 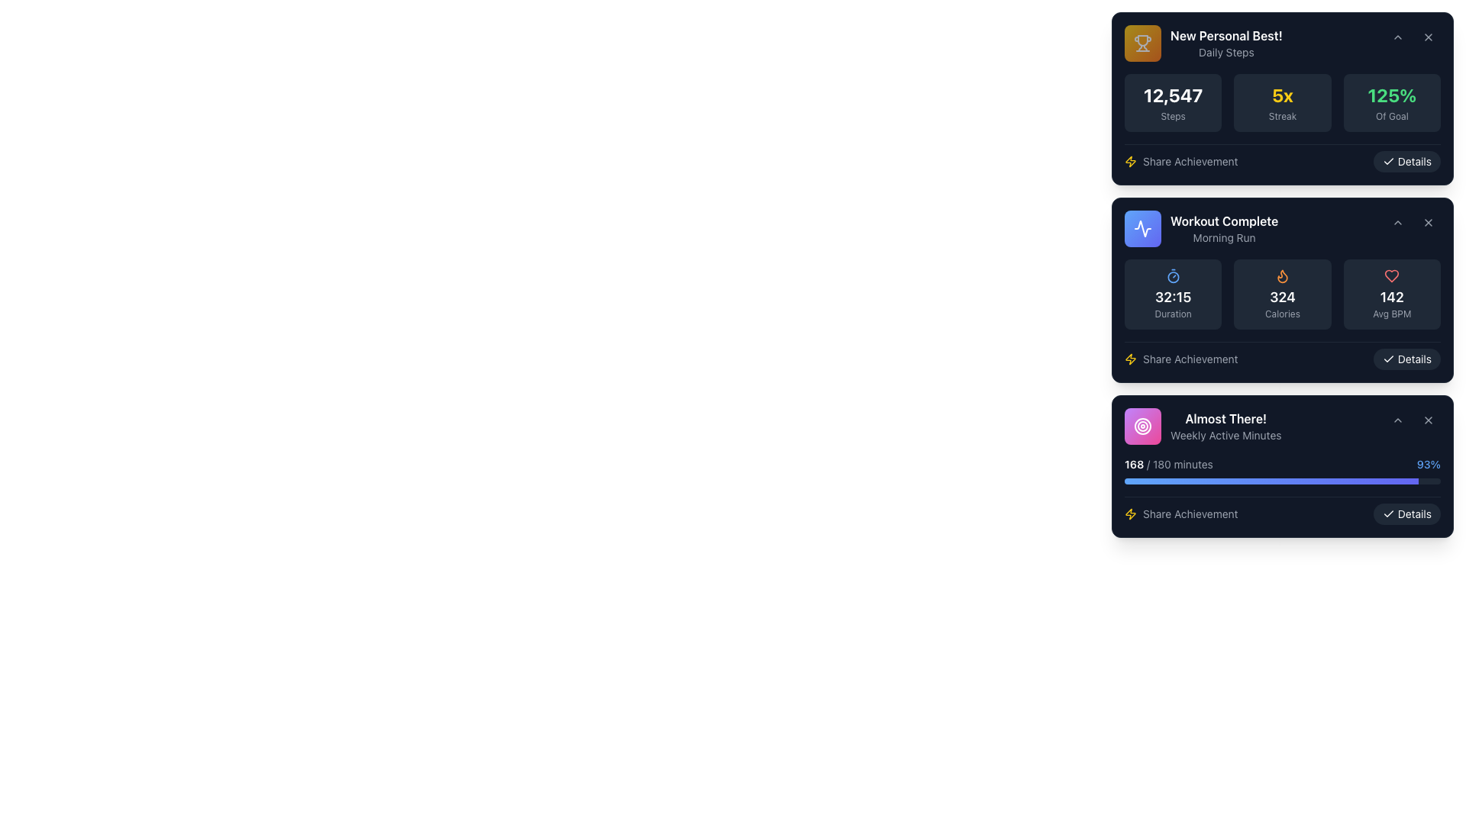 What do you see at coordinates (1202, 426) in the screenshot?
I see `the Label with an icon that displays a motivational message and indicates the user's weekly active minutes progress, located in the upper-left quadrant of the third card in a vertical stack` at bounding box center [1202, 426].